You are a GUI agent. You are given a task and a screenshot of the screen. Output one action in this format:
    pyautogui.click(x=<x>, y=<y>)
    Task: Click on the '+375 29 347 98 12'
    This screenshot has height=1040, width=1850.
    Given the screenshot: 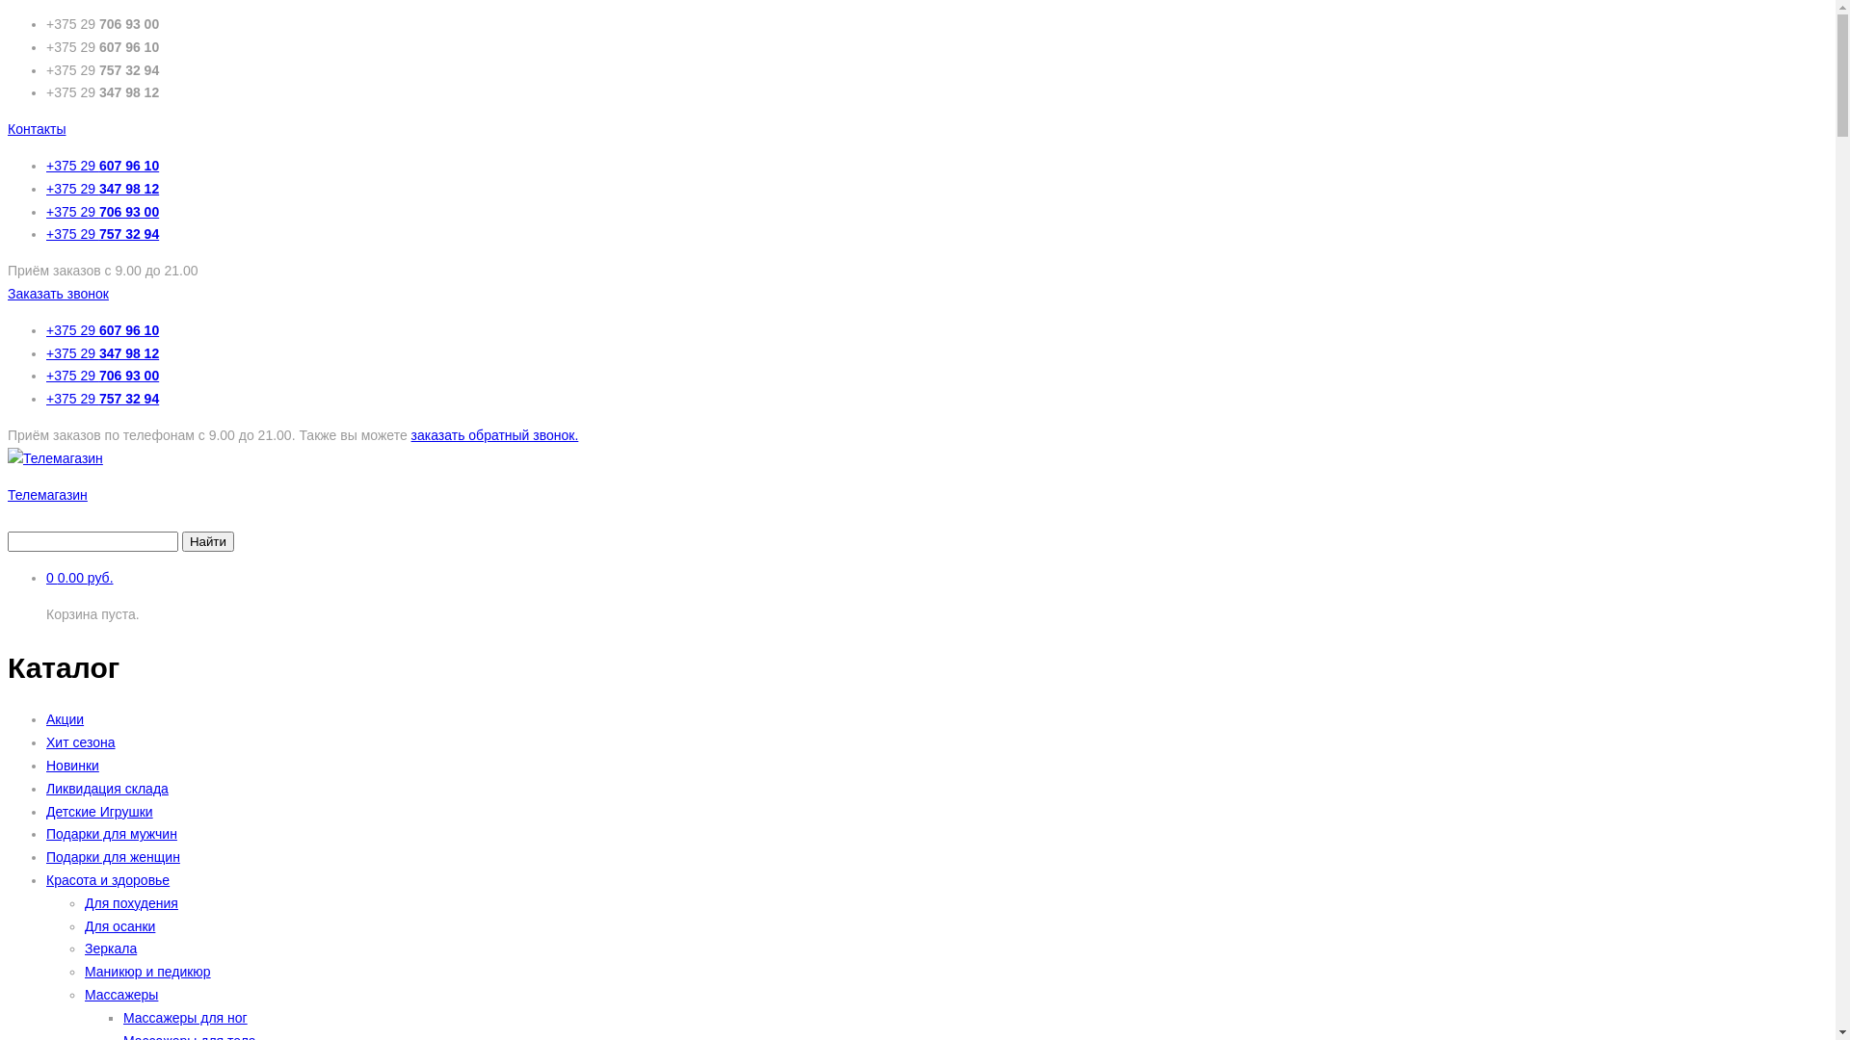 What is the action you would take?
    pyautogui.click(x=101, y=189)
    